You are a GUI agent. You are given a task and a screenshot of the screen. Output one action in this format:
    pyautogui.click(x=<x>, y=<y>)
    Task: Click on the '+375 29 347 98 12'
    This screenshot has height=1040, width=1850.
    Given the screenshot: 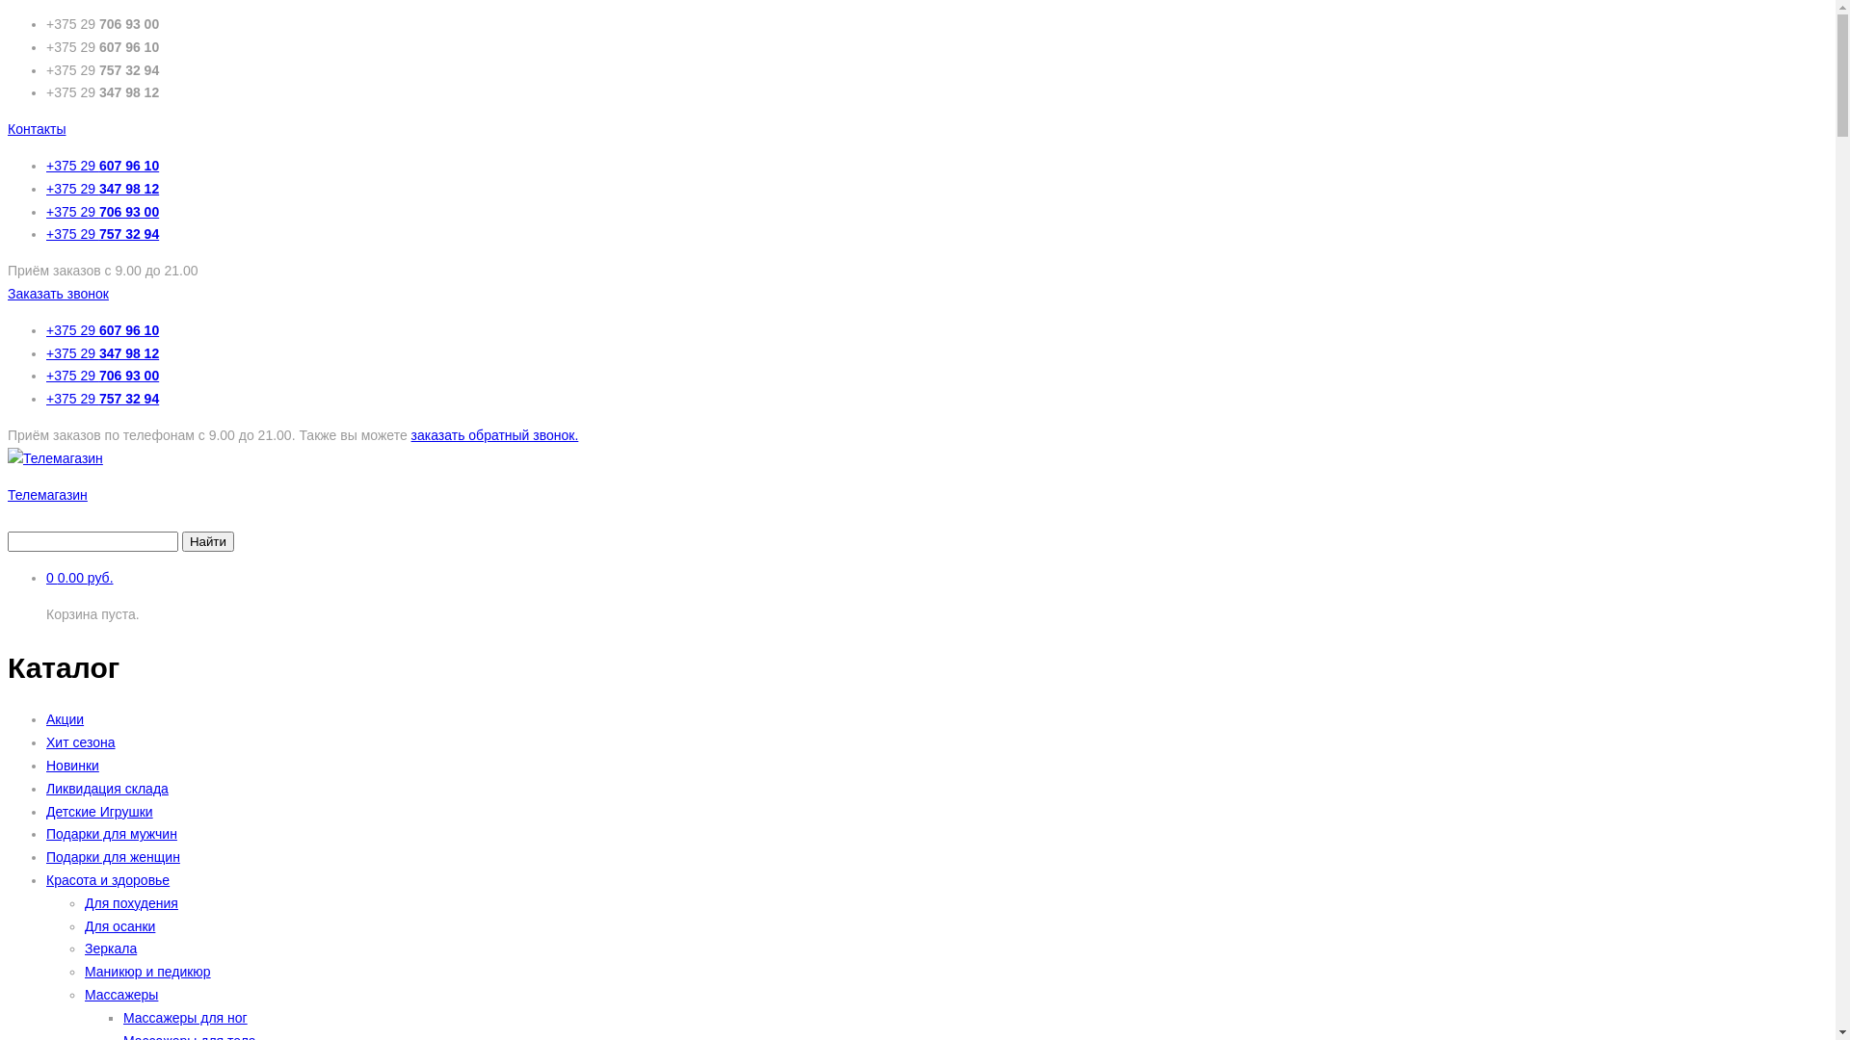 What is the action you would take?
    pyautogui.click(x=101, y=189)
    